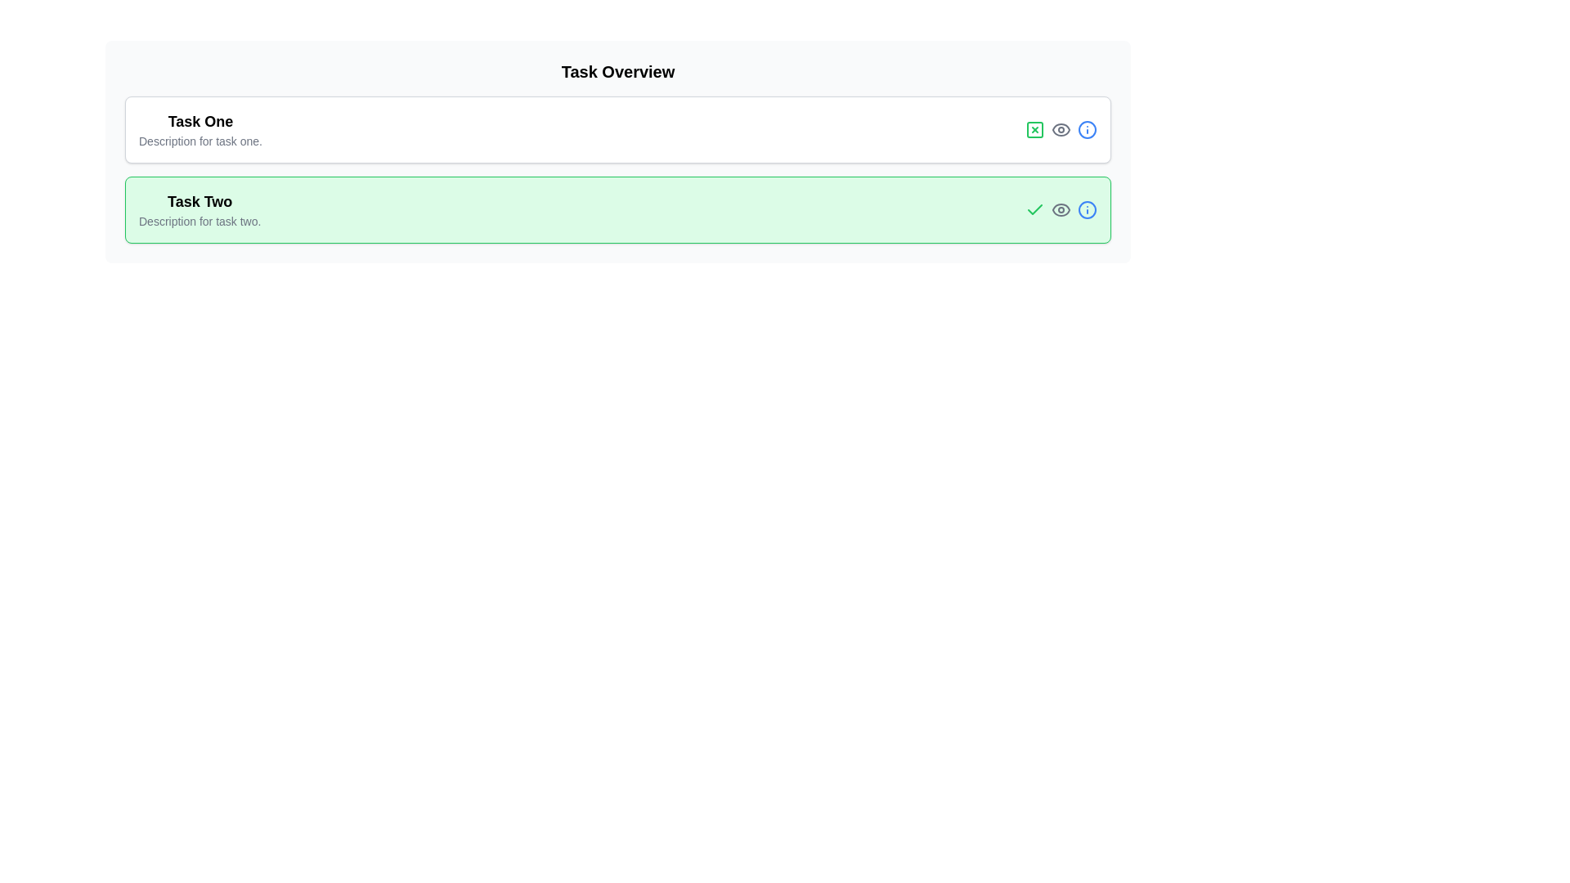  I want to click on the blue circular icon button with a hollow center and a dot and vertical line on its interior, located on the right side of the task row labeled 'Task One', so click(1087, 128).